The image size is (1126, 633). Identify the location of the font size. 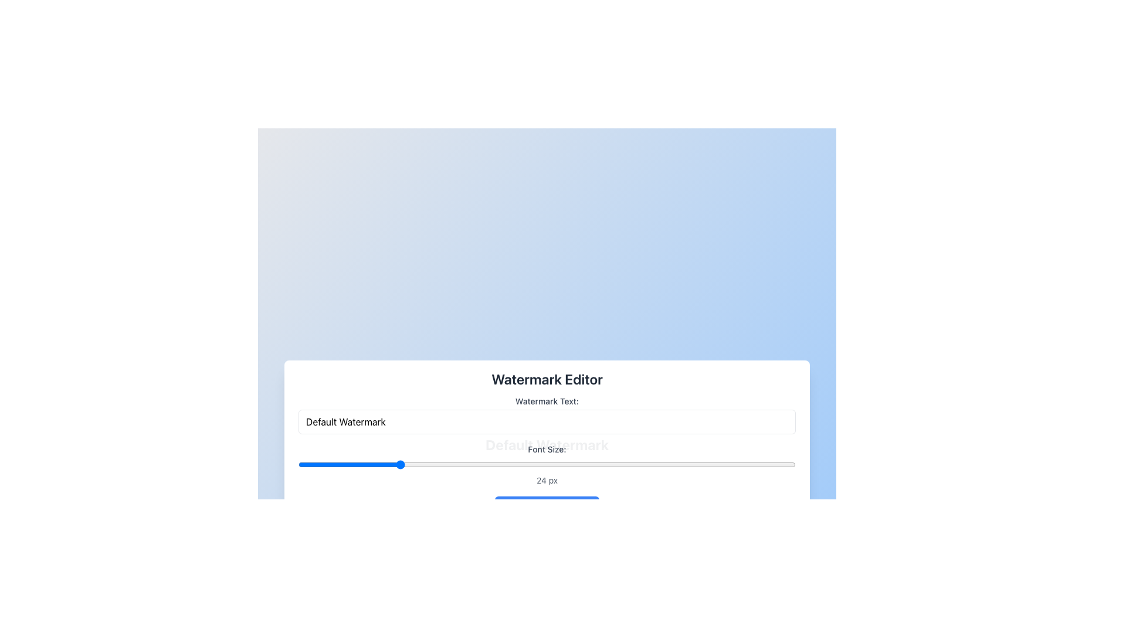
(589, 464).